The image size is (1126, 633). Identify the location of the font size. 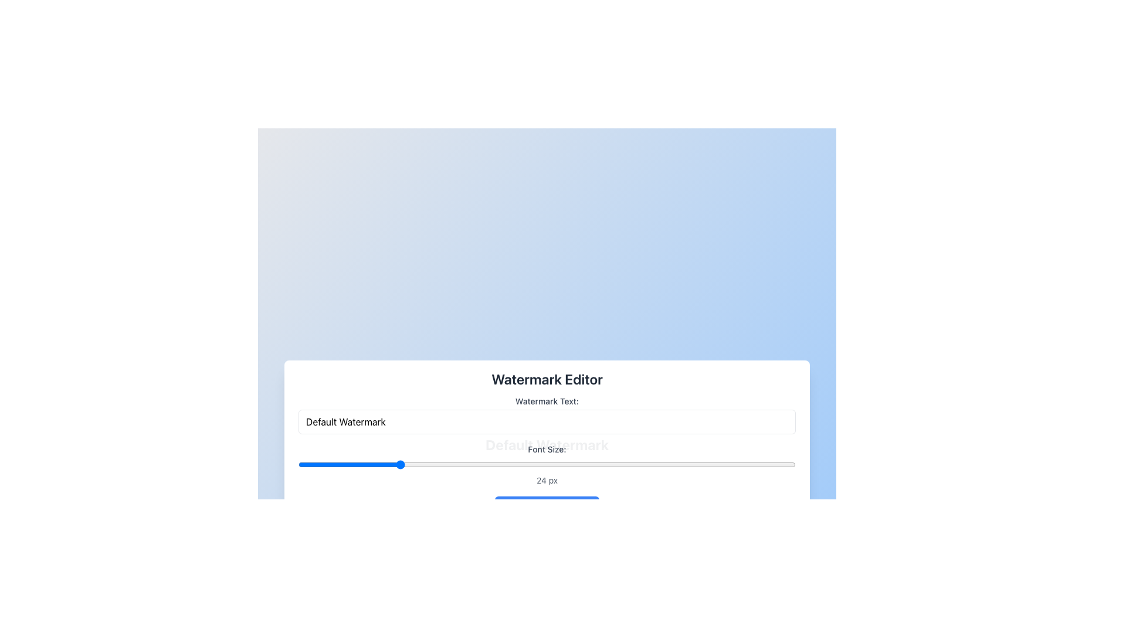
(589, 464).